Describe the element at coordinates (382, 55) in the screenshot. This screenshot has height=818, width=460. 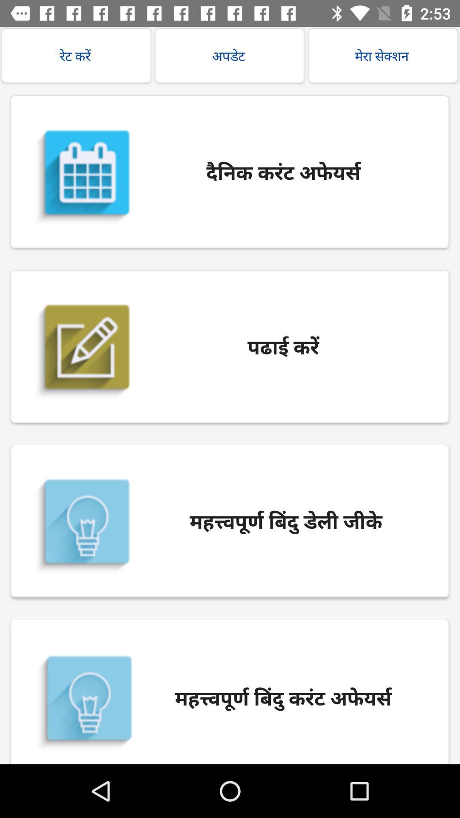
I see `the item at the top right corner` at that location.